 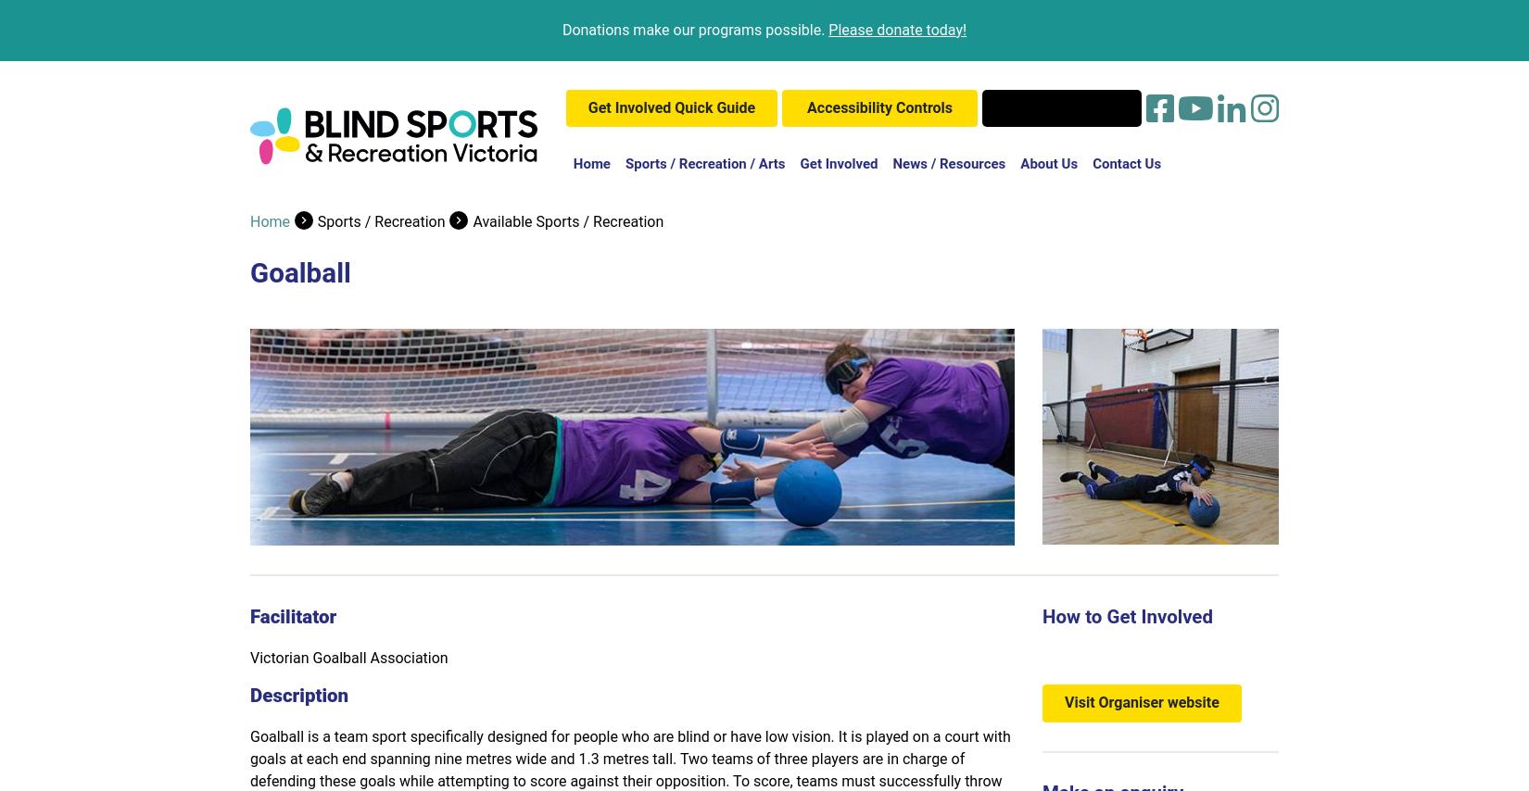 I want to click on 'Please donate today!', so click(x=897, y=28).